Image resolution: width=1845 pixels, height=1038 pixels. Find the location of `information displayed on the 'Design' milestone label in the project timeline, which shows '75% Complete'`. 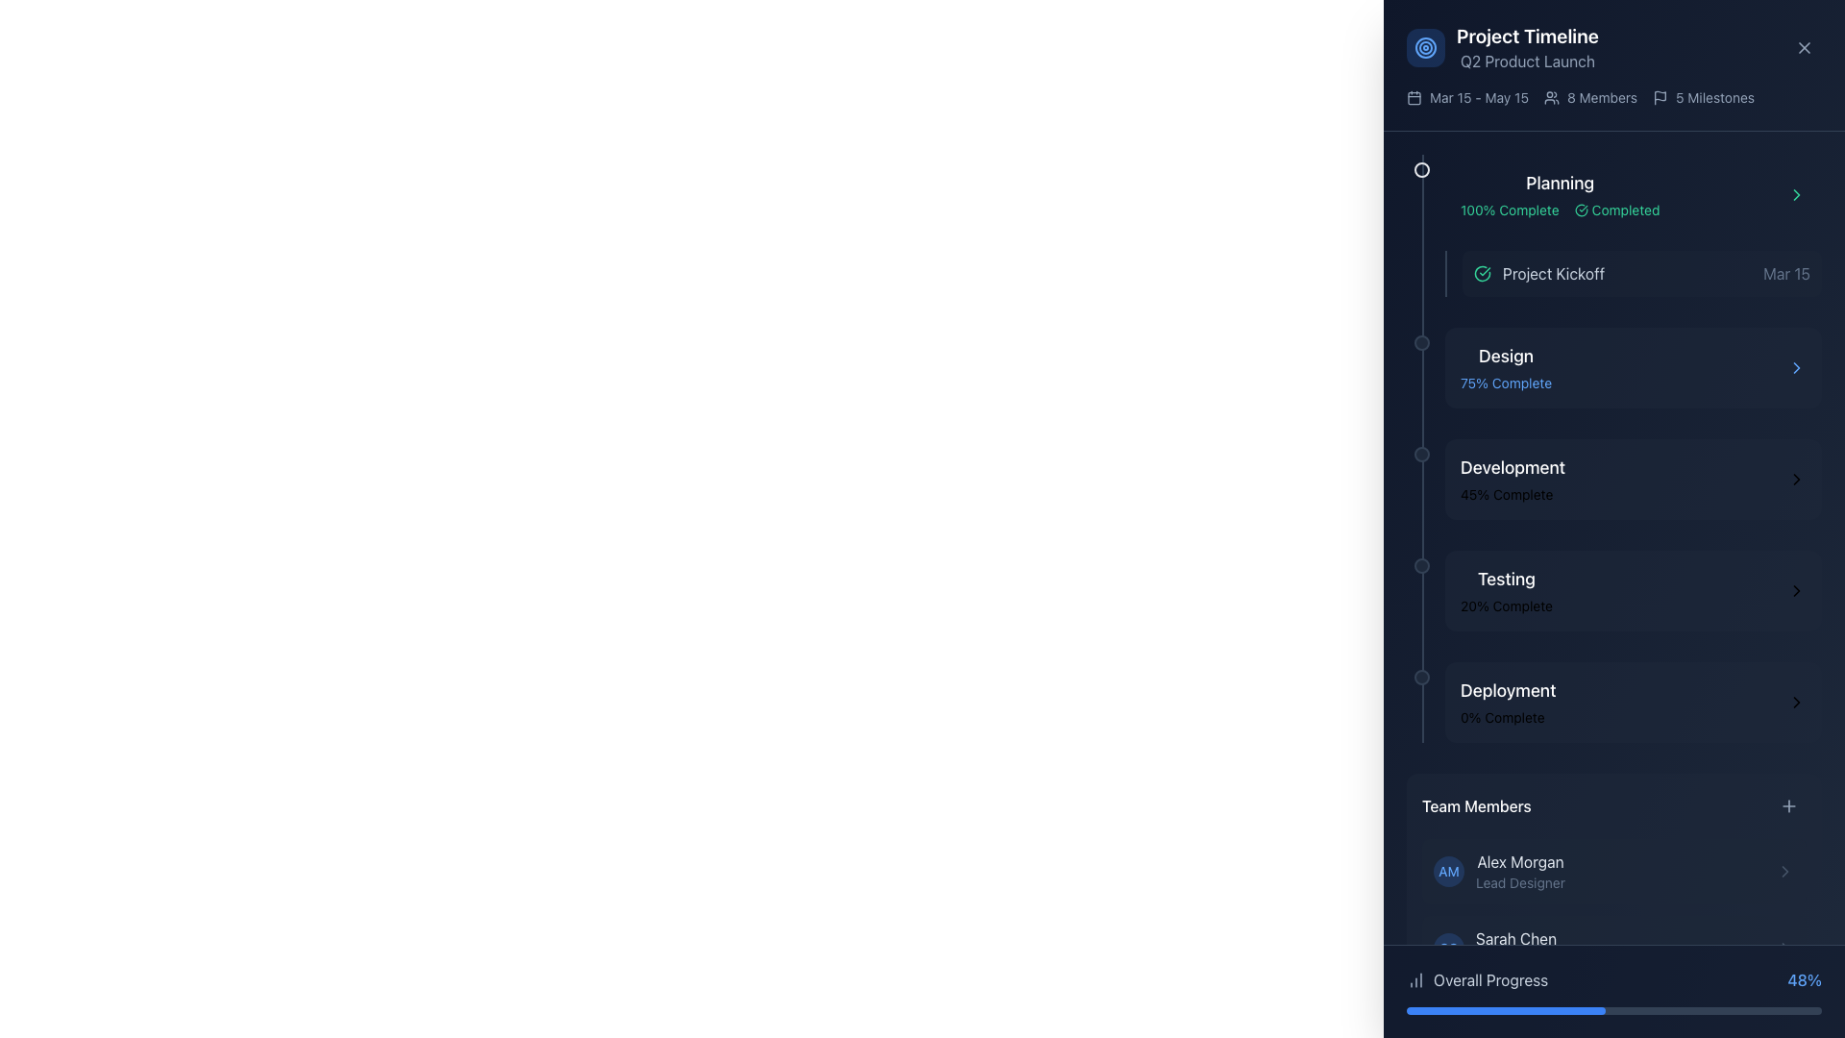

information displayed on the 'Design' milestone label in the project timeline, which shows '75% Complete' is located at coordinates (1505, 367).